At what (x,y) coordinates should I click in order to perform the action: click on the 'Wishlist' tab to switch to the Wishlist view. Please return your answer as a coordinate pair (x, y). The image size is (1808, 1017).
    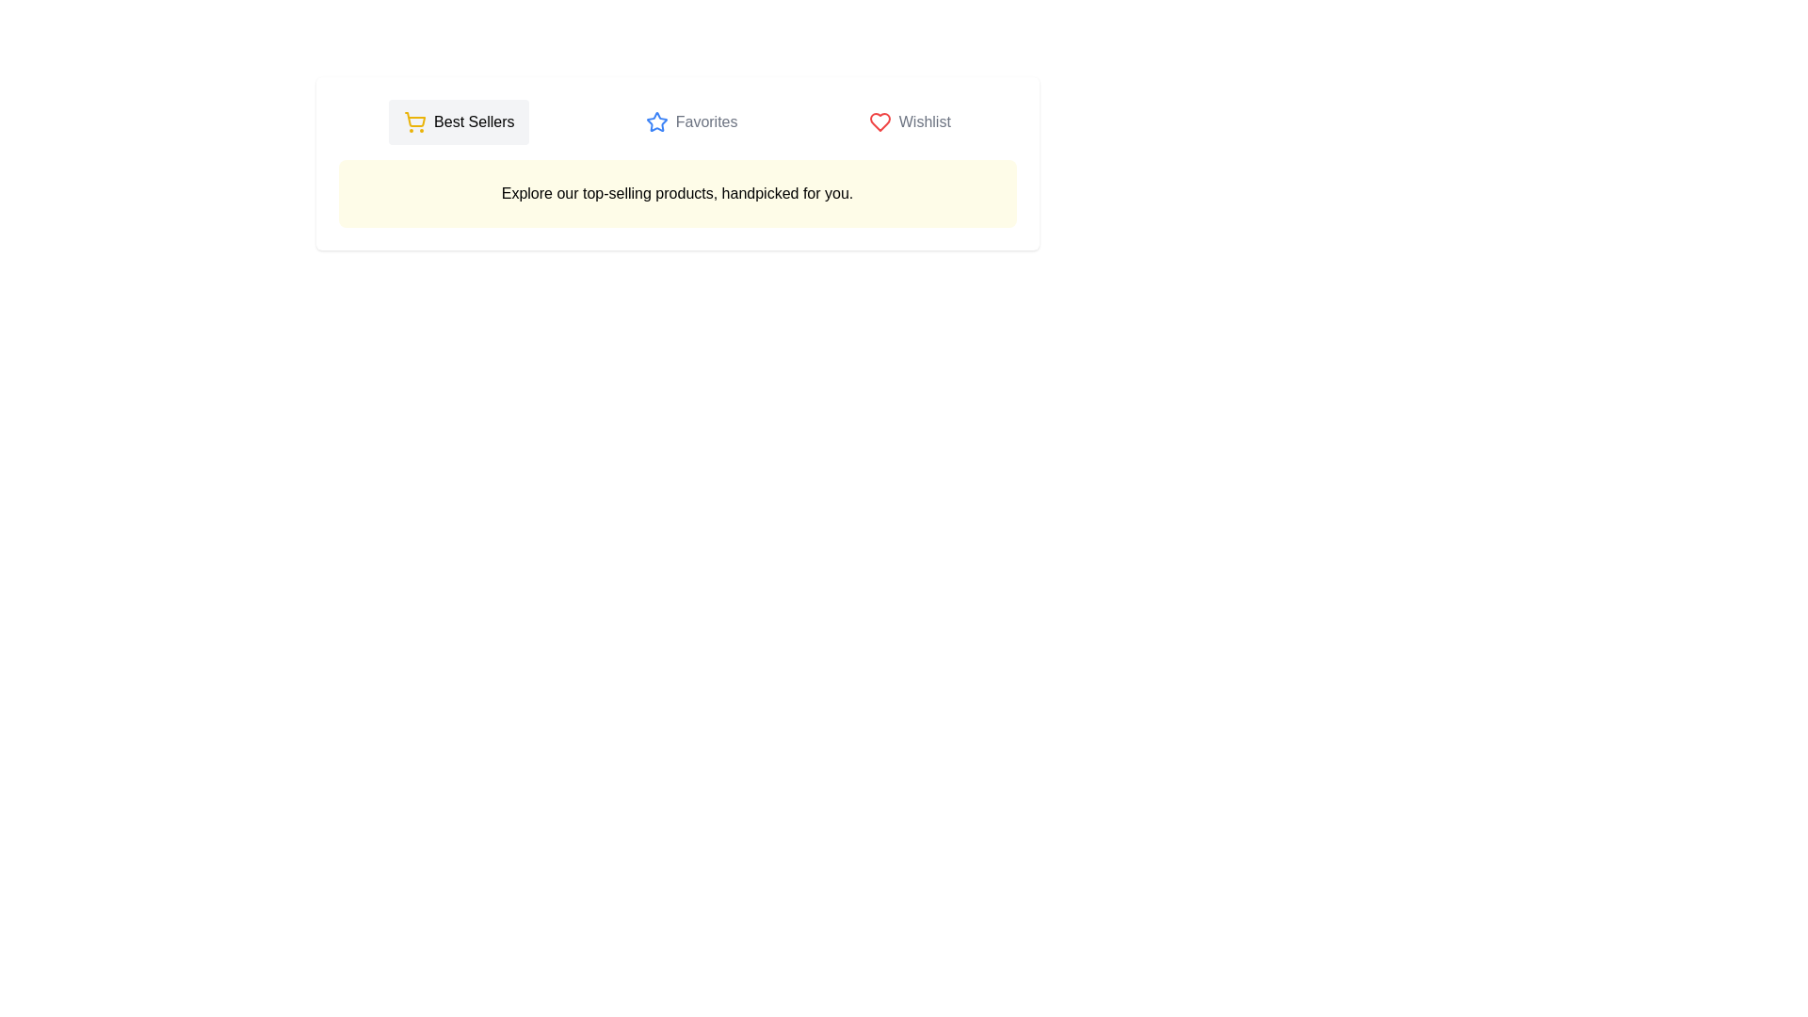
    Looking at the image, I should click on (910, 122).